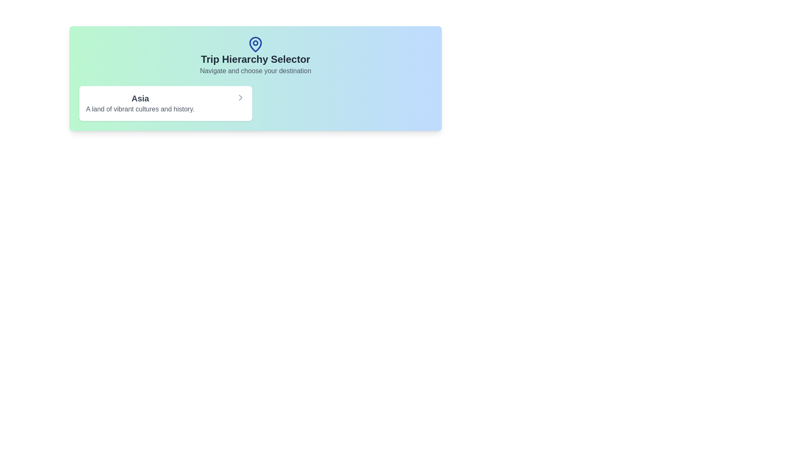 This screenshot has width=798, height=449. What do you see at coordinates (140, 109) in the screenshot?
I see `the Text Label that provides supplementary information about the title 'Asia', located beneath the heading 'Trip Hierarchy Selector' in the card-like UI component` at bounding box center [140, 109].